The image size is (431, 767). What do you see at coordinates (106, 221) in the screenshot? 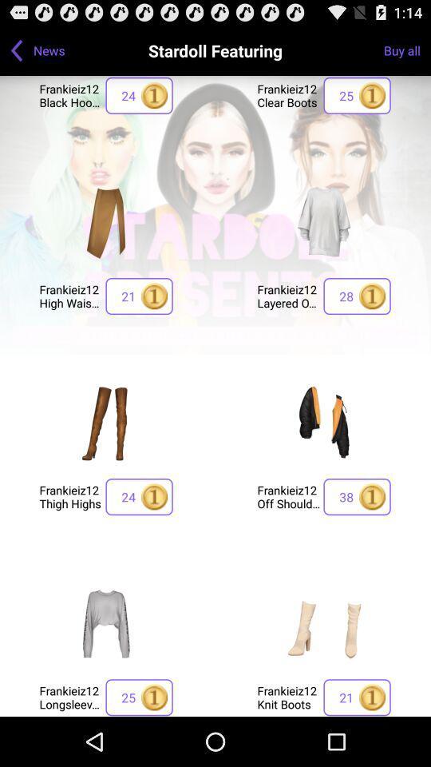
I see `brown split leg skirt` at bounding box center [106, 221].